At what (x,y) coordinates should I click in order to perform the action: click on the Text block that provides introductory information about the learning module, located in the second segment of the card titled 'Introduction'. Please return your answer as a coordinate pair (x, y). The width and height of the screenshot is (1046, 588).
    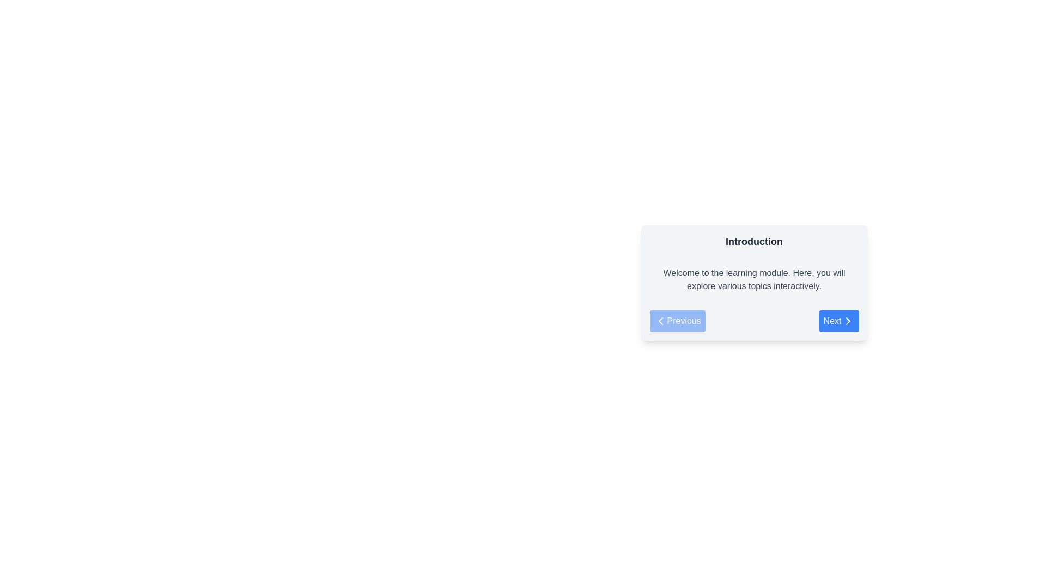
    Looking at the image, I should click on (753, 279).